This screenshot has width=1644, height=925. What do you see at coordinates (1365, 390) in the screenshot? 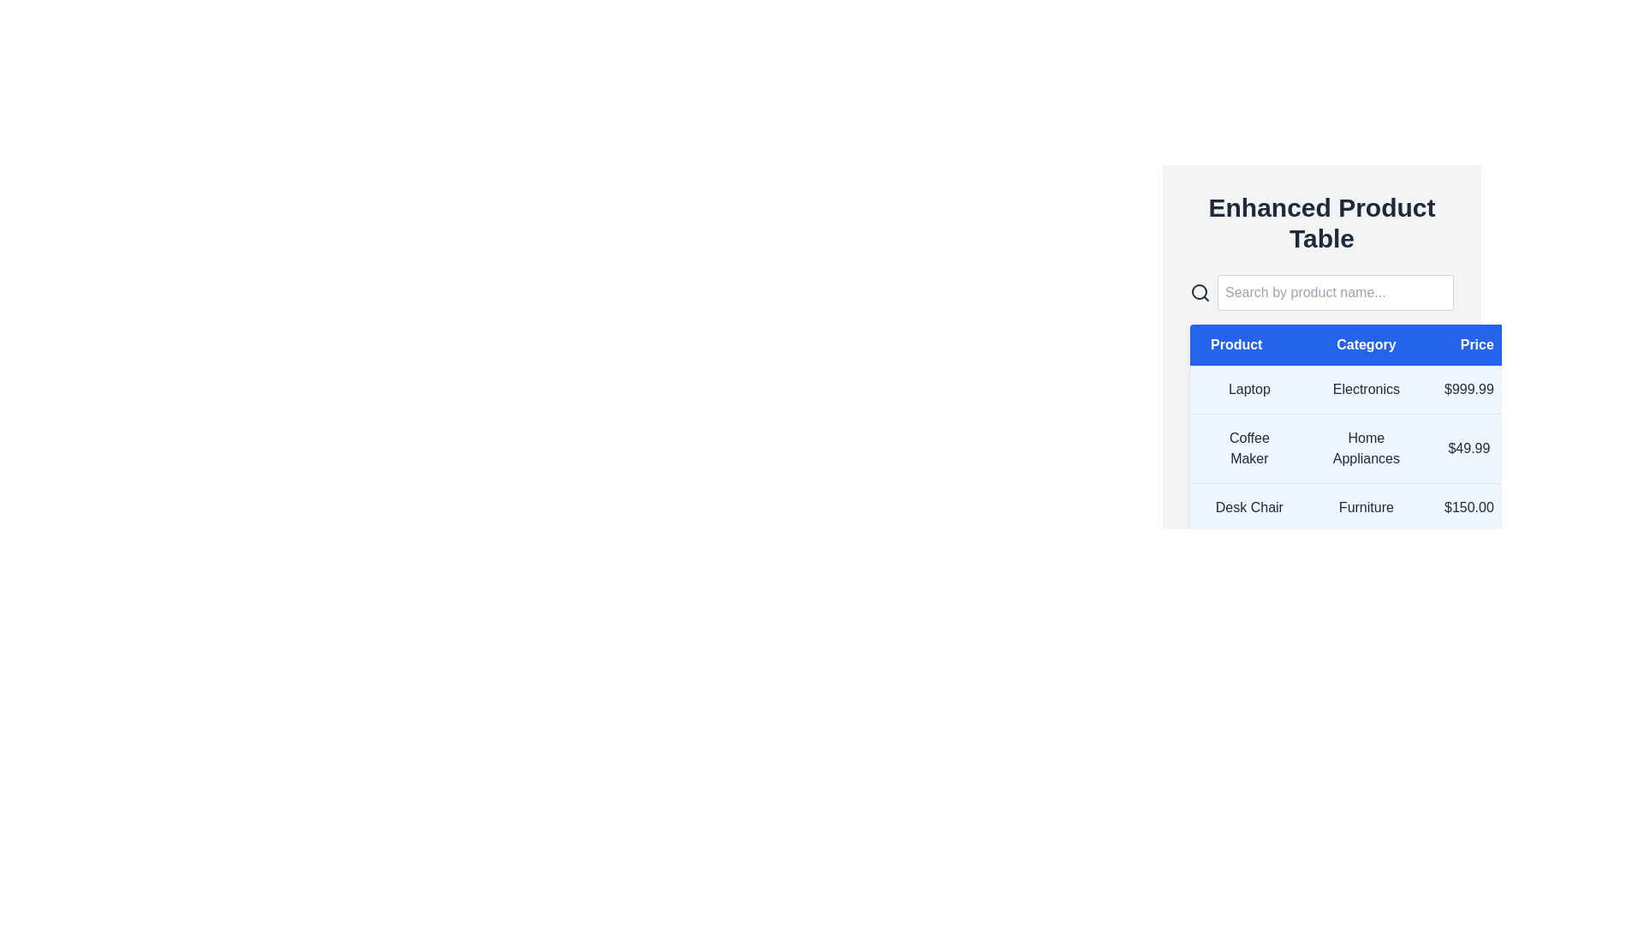
I see `information displayed in the text element labeled 'Electronics', which is part of a table under the 'Category' column for the 'Laptop' entry` at bounding box center [1365, 390].